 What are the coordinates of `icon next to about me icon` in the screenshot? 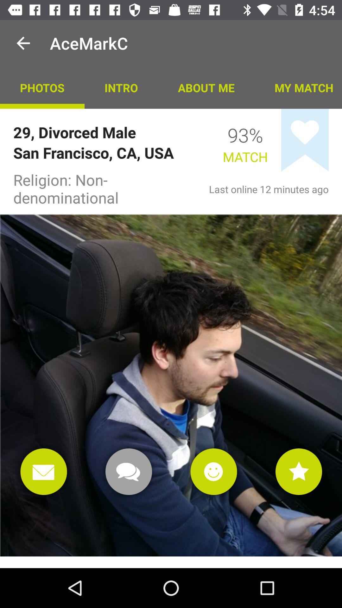 It's located at (298, 87).